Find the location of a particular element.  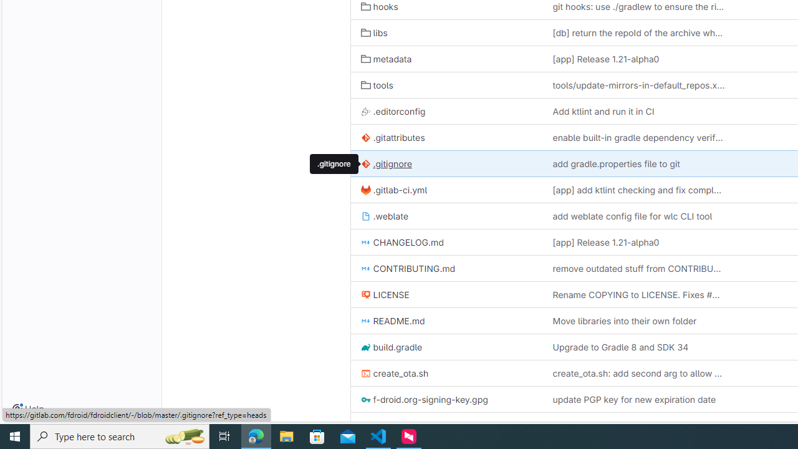

'create_ota.sh' is located at coordinates (446, 372).